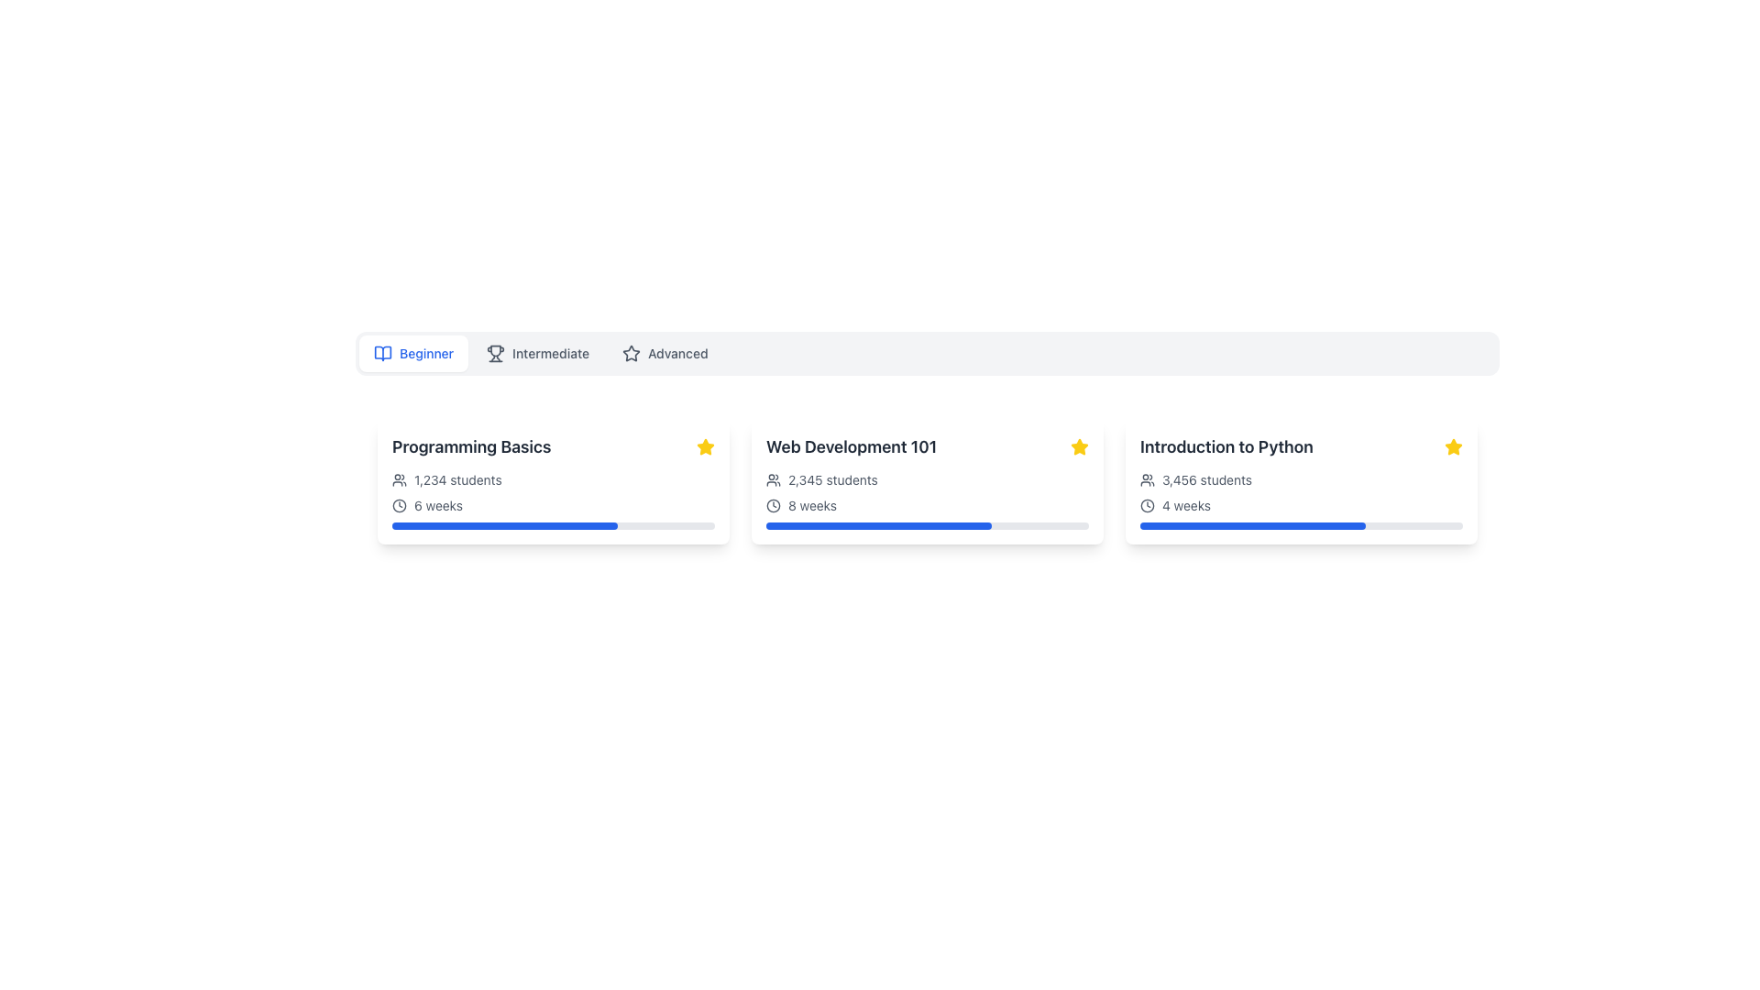 The width and height of the screenshot is (1760, 990). Describe the element at coordinates (928, 526) in the screenshot. I see `the value of the progress bar indicating 70% completion, located within the 'Web Development 101' card, directly below the '8 weeks' text` at that location.